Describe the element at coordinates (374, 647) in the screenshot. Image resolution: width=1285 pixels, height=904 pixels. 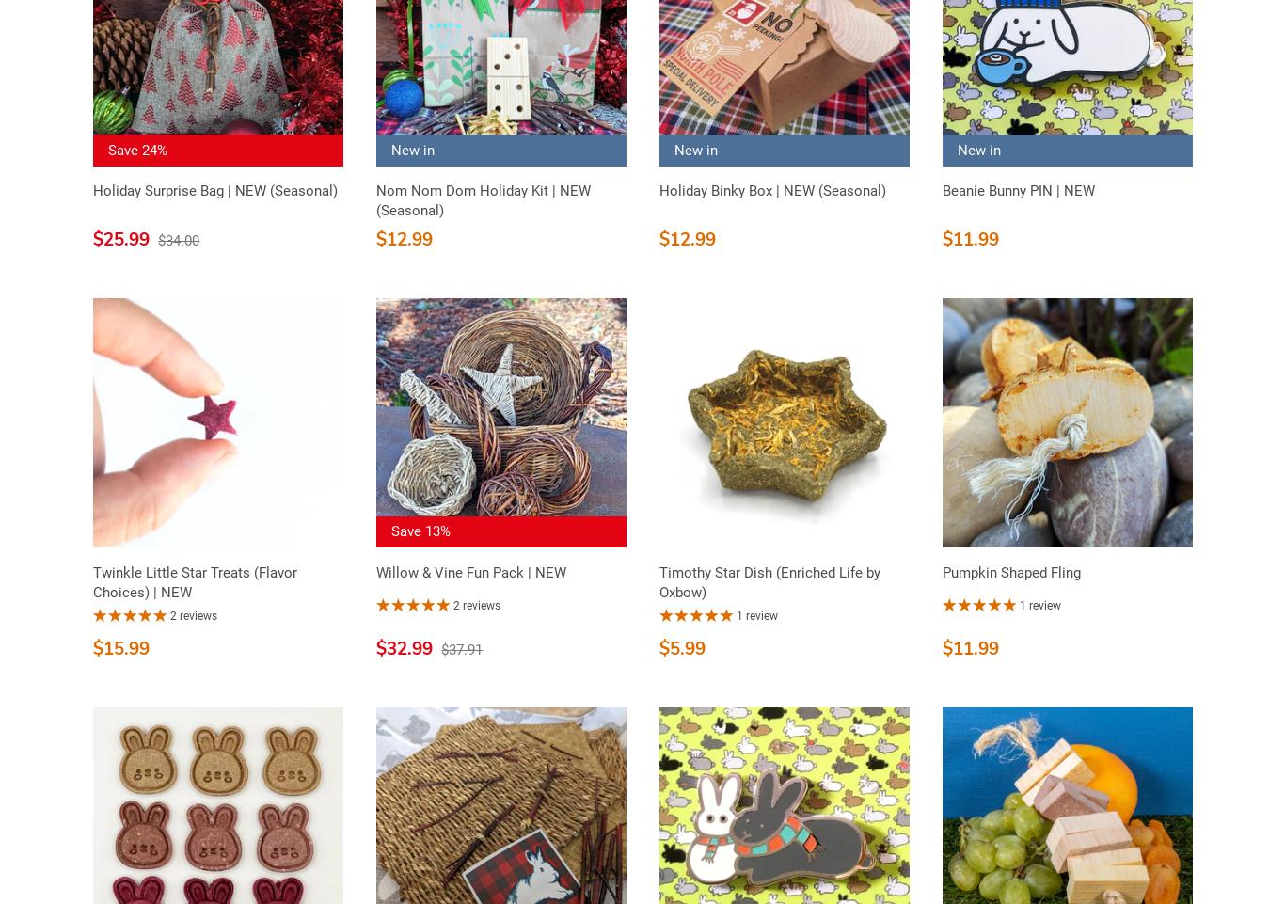
I see `'$32.99'` at that location.